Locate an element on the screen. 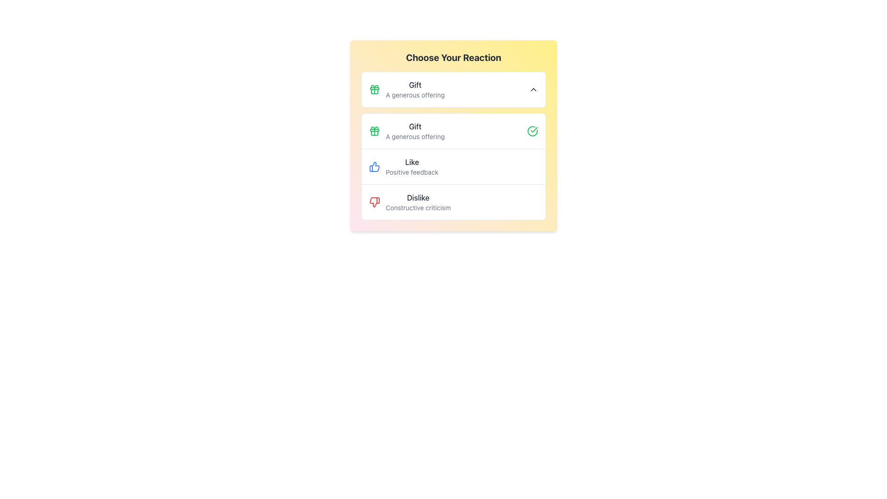 The image size is (887, 499). the circular icon with a checkmark in the 'Choose Your Reaction' menu, located to the right of the second 'Gift' label and above the 'Like' option is located at coordinates (532, 131).